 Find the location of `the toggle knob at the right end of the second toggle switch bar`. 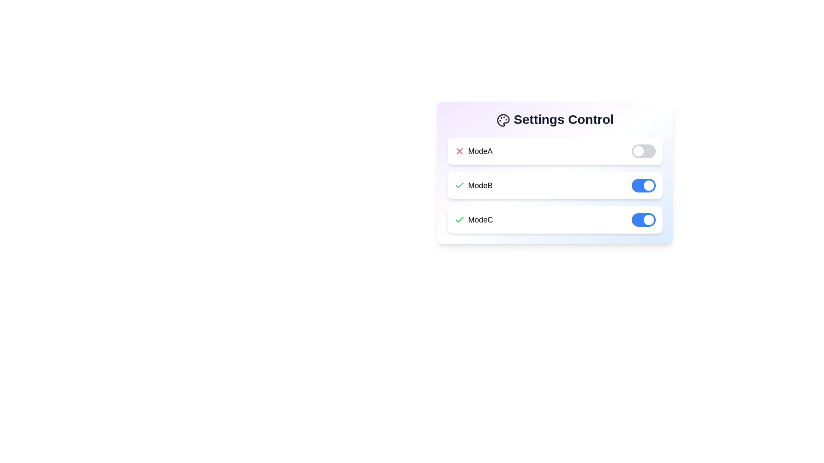

the toggle knob at the right end of the second toggle switch bar is located at coordinates (649, 185).